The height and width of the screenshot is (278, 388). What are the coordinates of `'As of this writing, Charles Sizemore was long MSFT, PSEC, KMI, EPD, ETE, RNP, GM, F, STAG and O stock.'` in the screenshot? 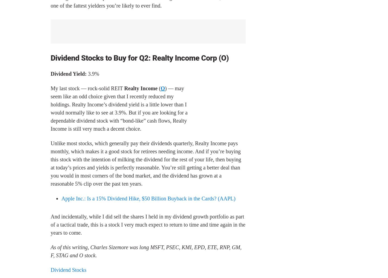 It's located at (146, 251).